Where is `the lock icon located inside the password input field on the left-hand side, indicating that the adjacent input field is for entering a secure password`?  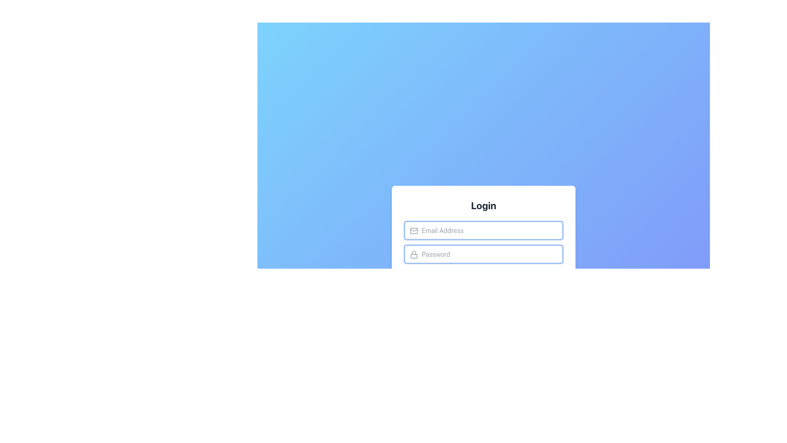
the lock icon located inside the password input field on the left-hand side, indicating that the adjacent input field is for entering a secure password is located at coordinates (414, 254).